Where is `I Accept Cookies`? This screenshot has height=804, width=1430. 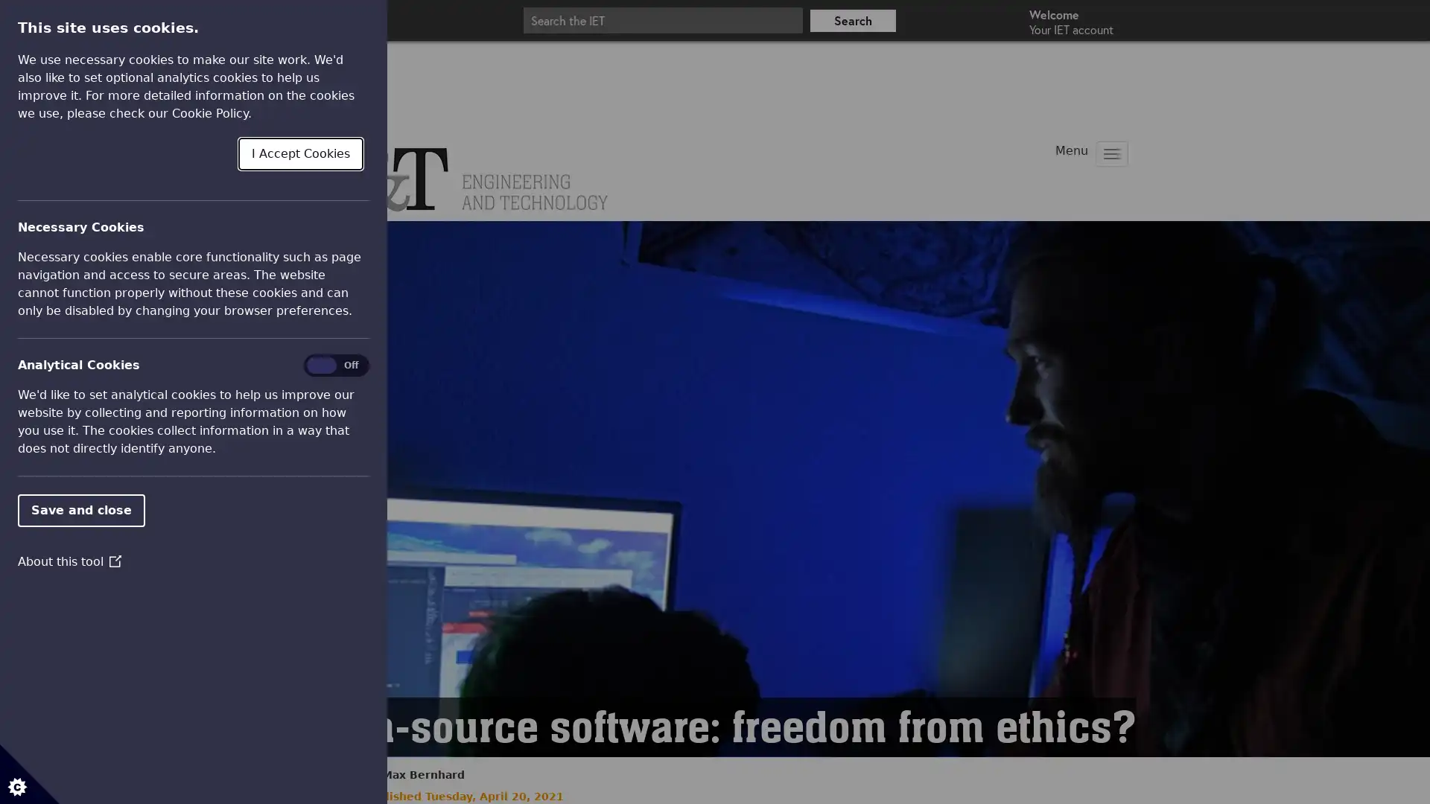 I Accept Cookies is located at coordinates (299, 153).